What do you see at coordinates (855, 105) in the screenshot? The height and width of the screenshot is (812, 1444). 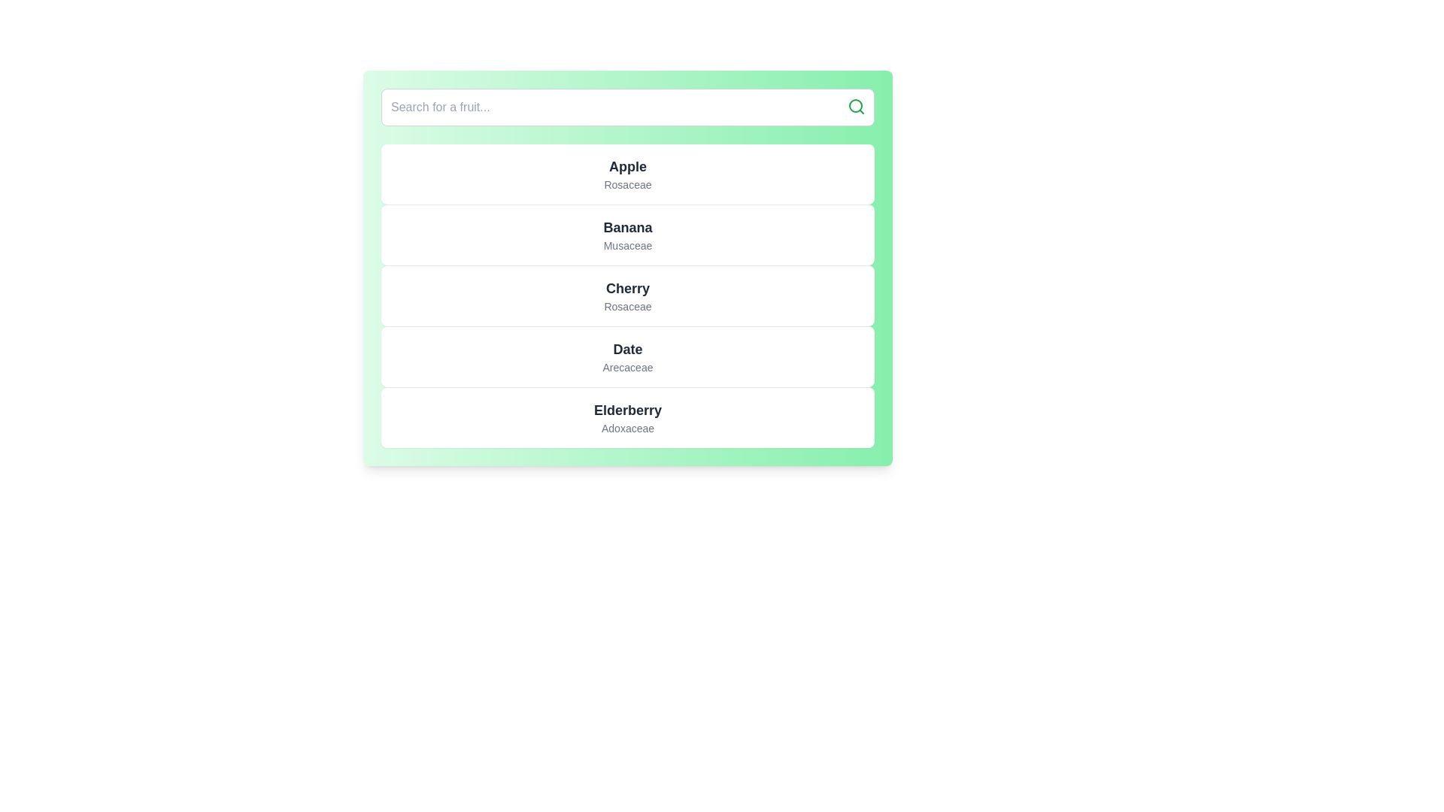 I see `the decorative circle of the search icon located in the top-right corner of the search bar` at bounding box center [855, 105].